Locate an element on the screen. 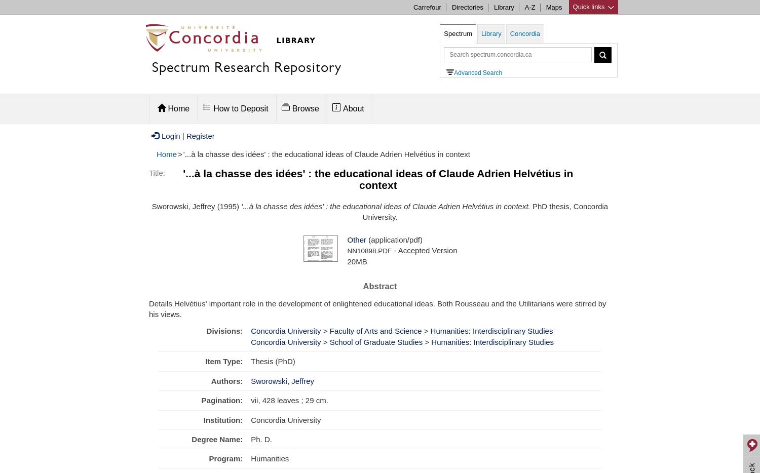 The height and width of the screenshot is (473, 760). 'Browse' is located at coordinates (305, 108).